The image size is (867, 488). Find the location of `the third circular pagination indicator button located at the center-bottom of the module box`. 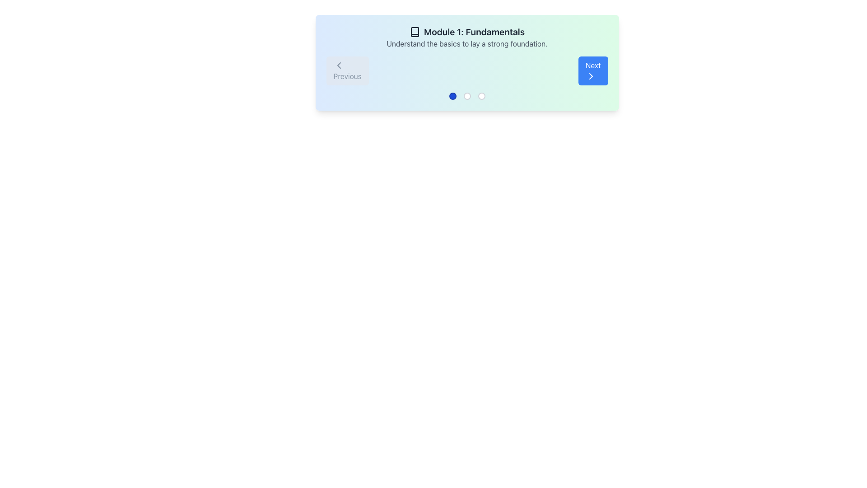

the third circular pagination indicator button located at the center-bottom of the module box is located at coordinates (481, 96).